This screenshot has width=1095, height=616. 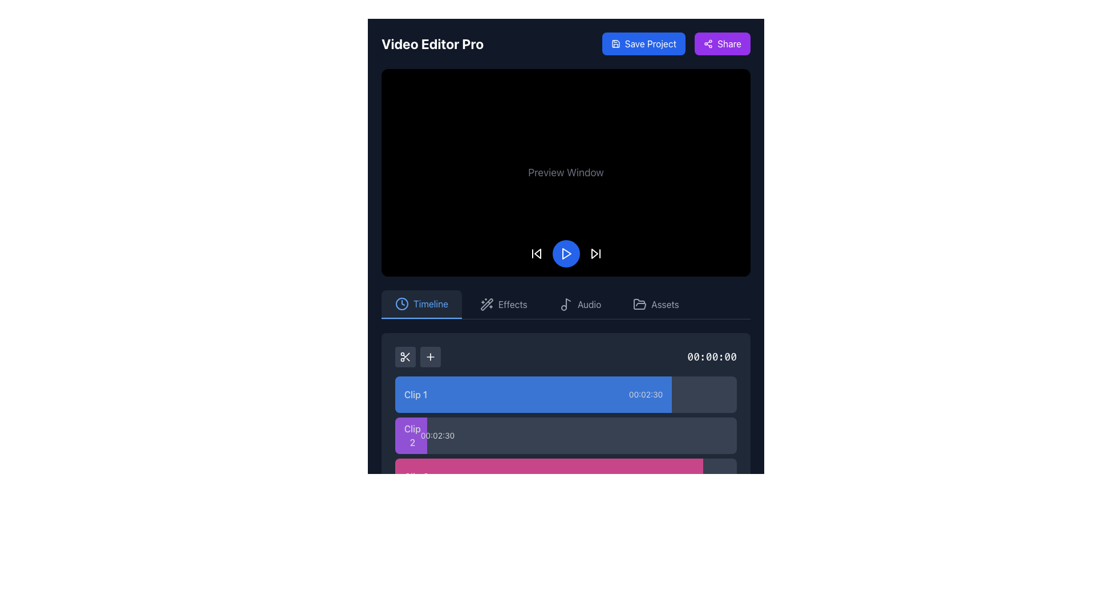 What do you see at coordinates (533, 394) in the screenshot?
I see `the blue rectangular Timeline Clip labeled 'Clip 1' at the center coordinates` at bounding box center [533, 394].